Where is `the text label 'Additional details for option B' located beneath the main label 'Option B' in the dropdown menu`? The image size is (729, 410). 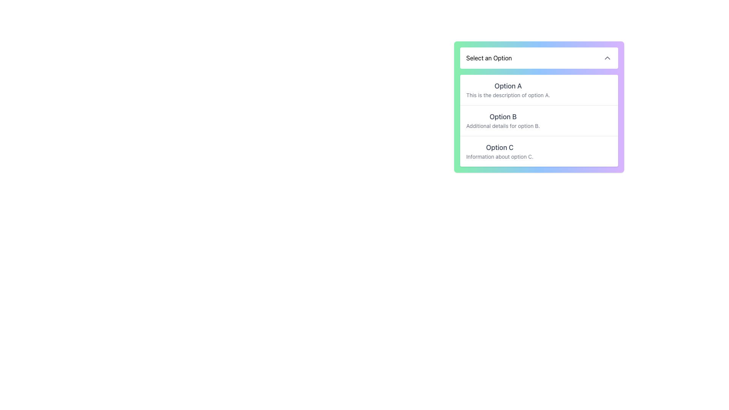
the text label 'Additional details for option B' located beneath the main label 'Option B' in the dropdown menu is located at coordinates (503, 125).